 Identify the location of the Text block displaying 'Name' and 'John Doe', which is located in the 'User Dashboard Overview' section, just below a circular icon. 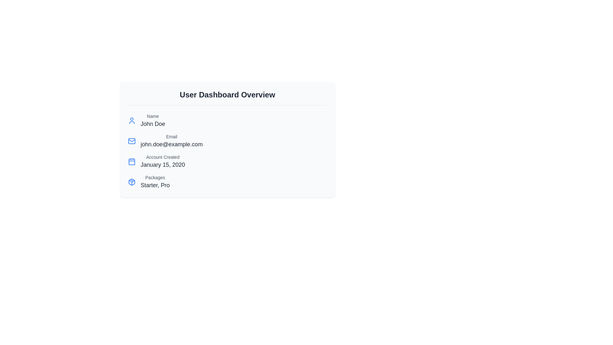
(153, 121).